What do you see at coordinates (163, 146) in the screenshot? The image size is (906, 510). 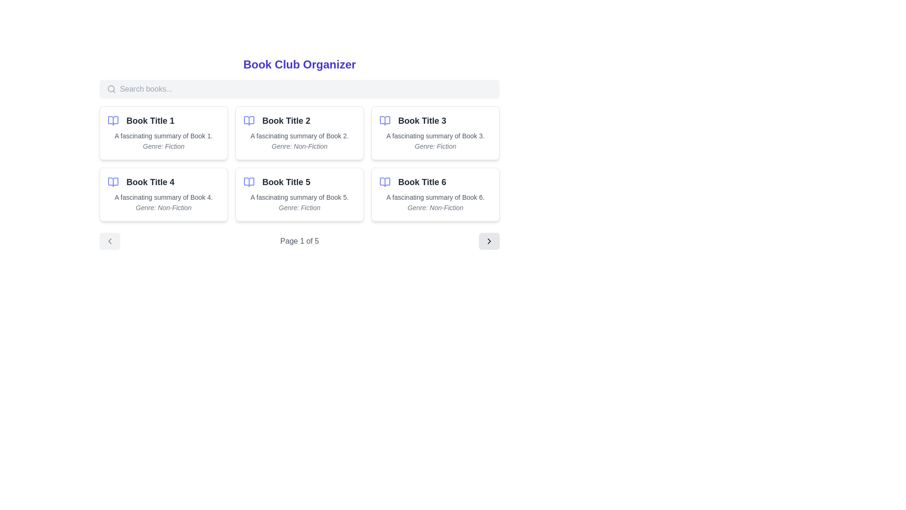 I see `the text label displaying 'Genre: Fiction', which is styled in light gray italic and located beneath the summary text of 'Book Title 1'` at bounding box center [163, 146].